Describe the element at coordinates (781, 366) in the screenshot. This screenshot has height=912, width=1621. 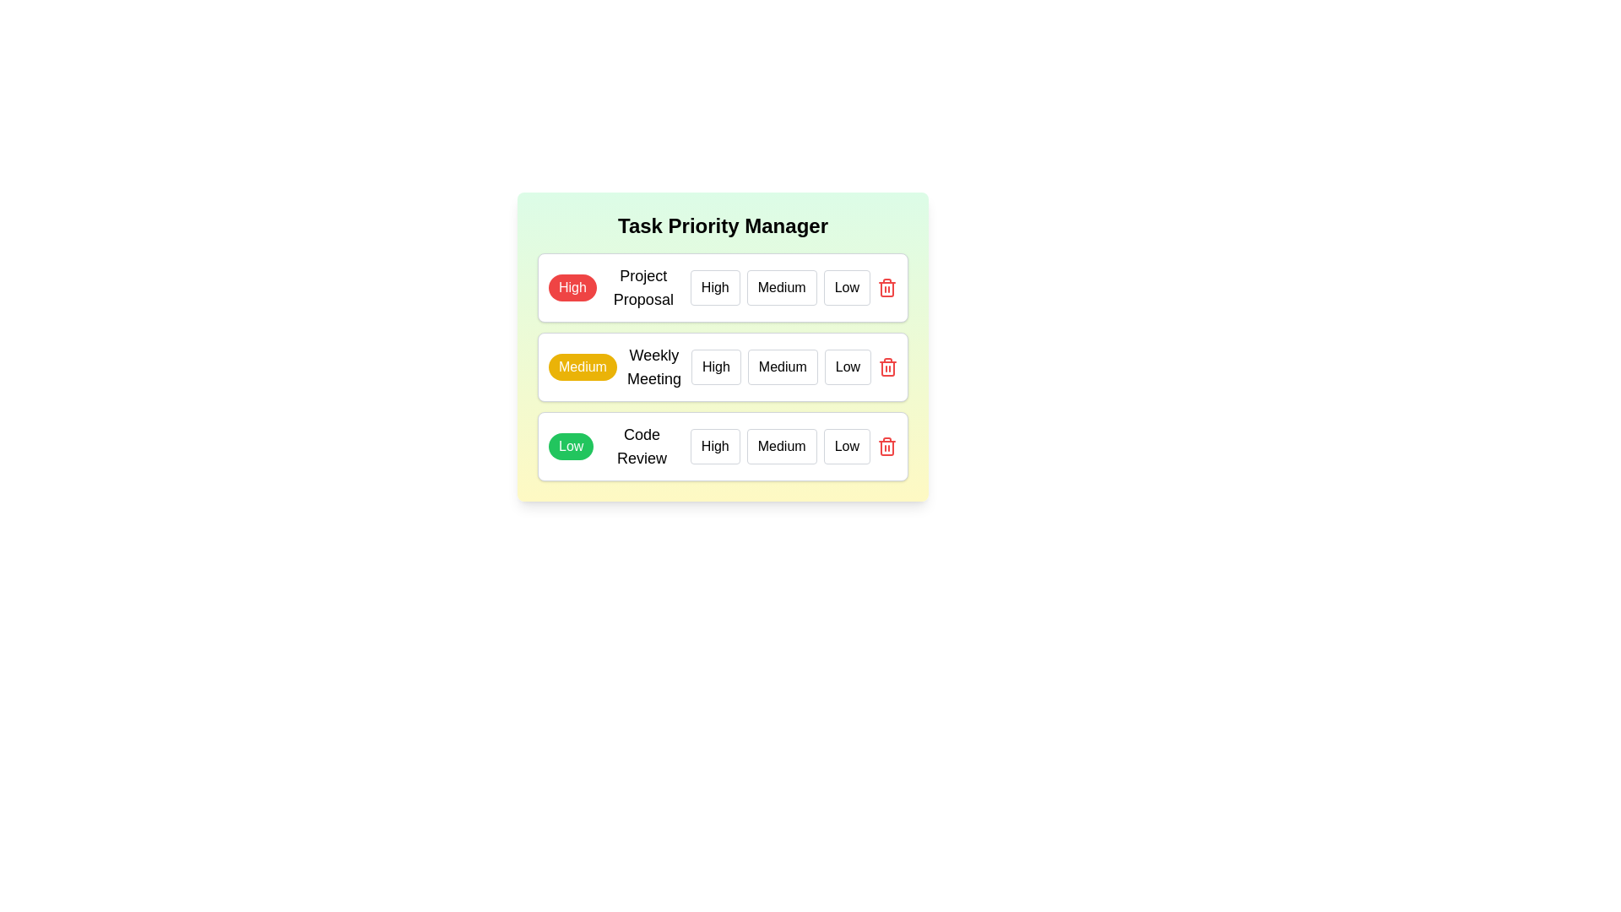
I see `the priority level Medium for the task Weekly Meeting` at that location.